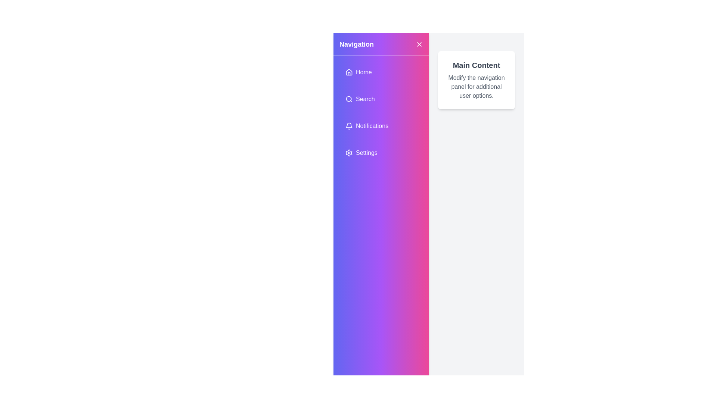  I want to click on the 'Notifications' icon in the left vertical navigation bar, so click(349, 125).